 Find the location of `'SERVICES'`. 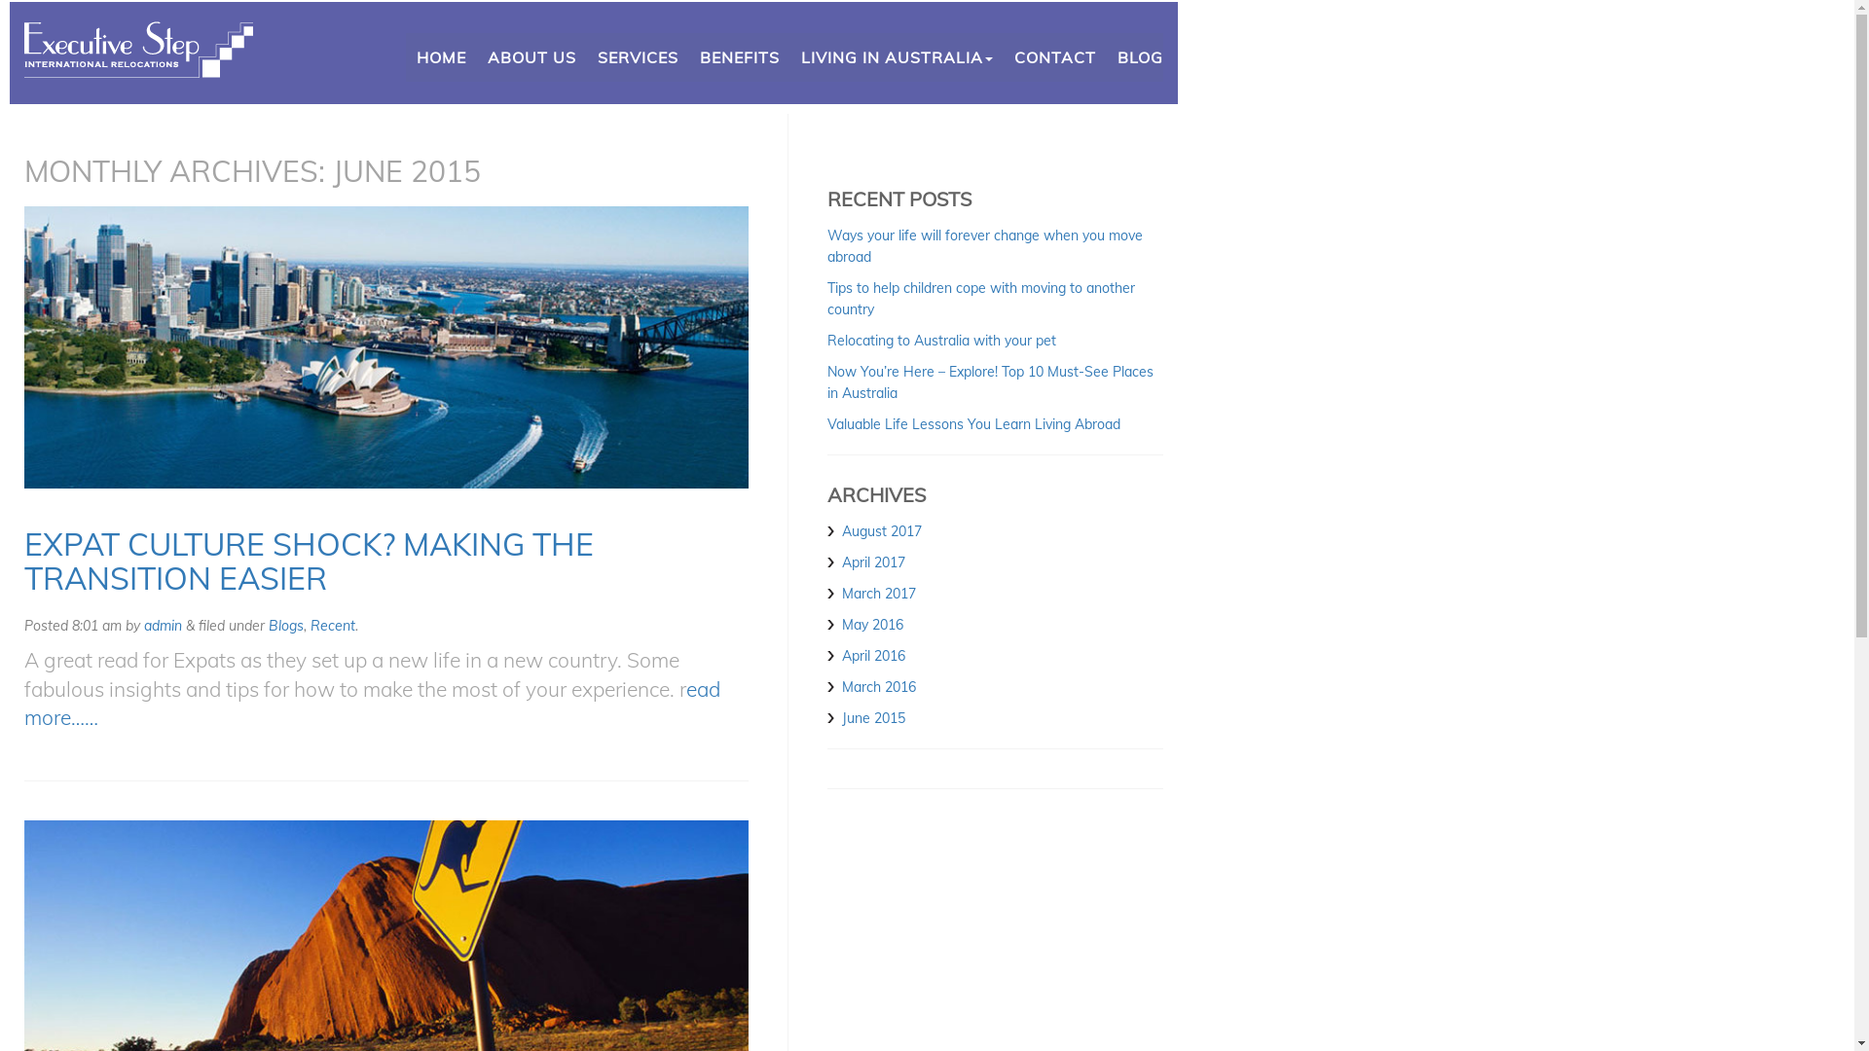

'SERVICES' is located at coordinates (638, 55).